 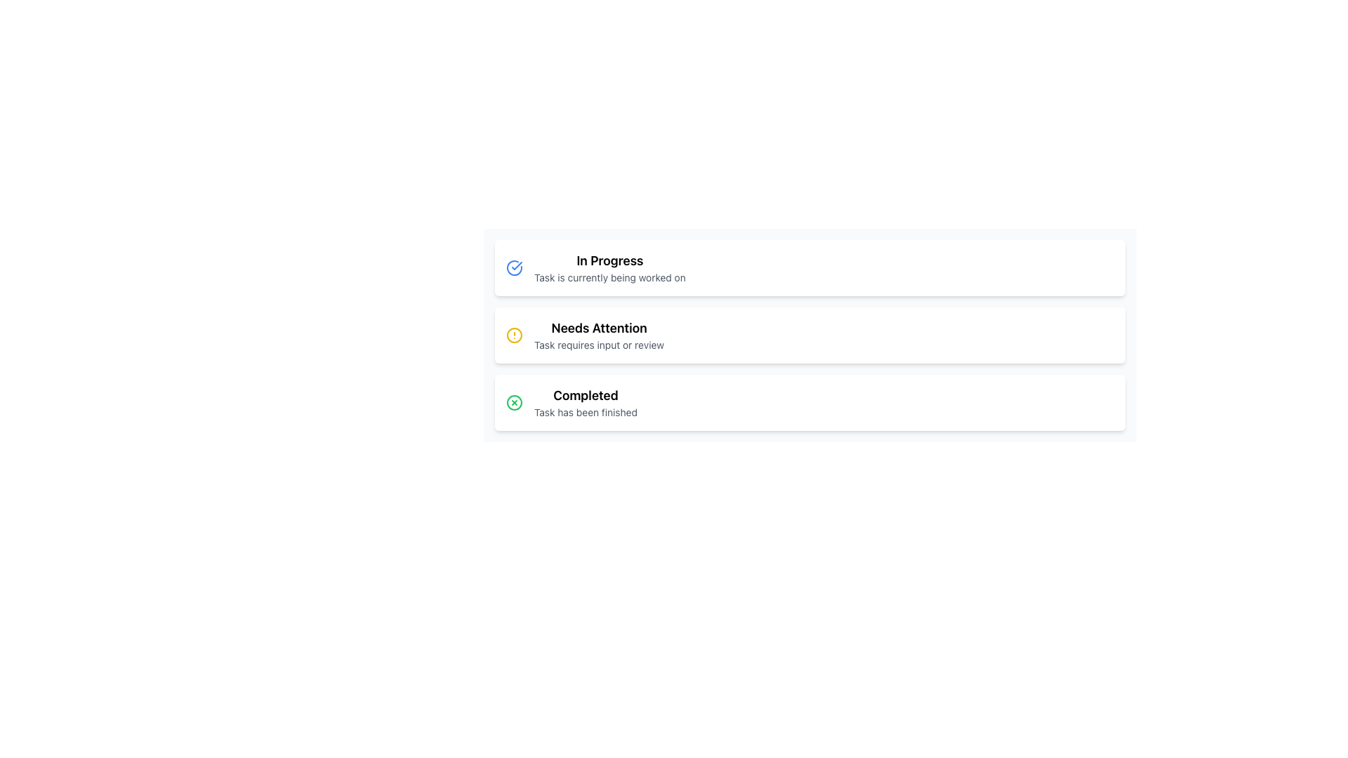 I want to click on the hollow green circle icon with a solid outline located to the left of the 'Completed' label, which contains a smaller cross symbol in the center, so click(x=514, y=403).